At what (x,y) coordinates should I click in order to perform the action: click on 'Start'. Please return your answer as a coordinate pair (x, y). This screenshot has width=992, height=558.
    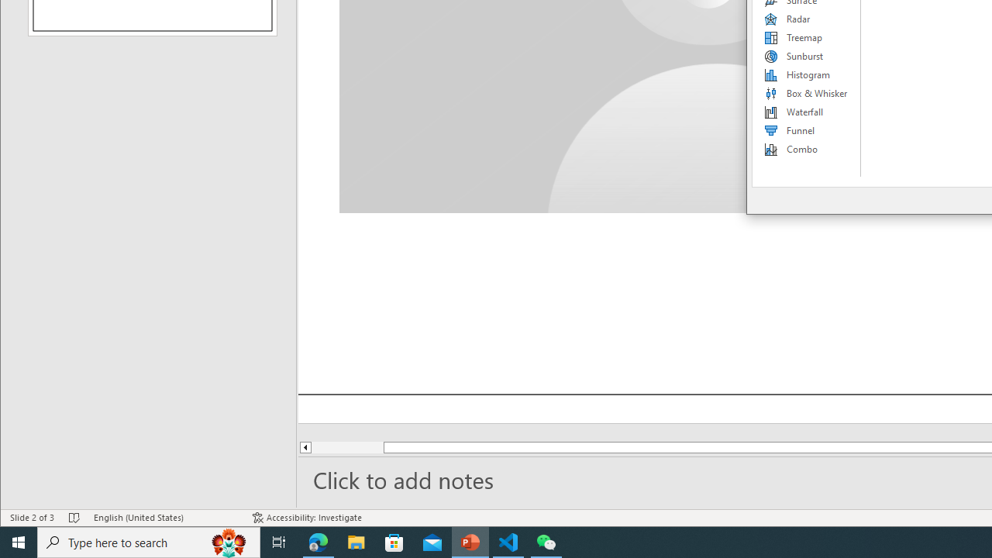
    Looking at the image, I should click on (19, 541).